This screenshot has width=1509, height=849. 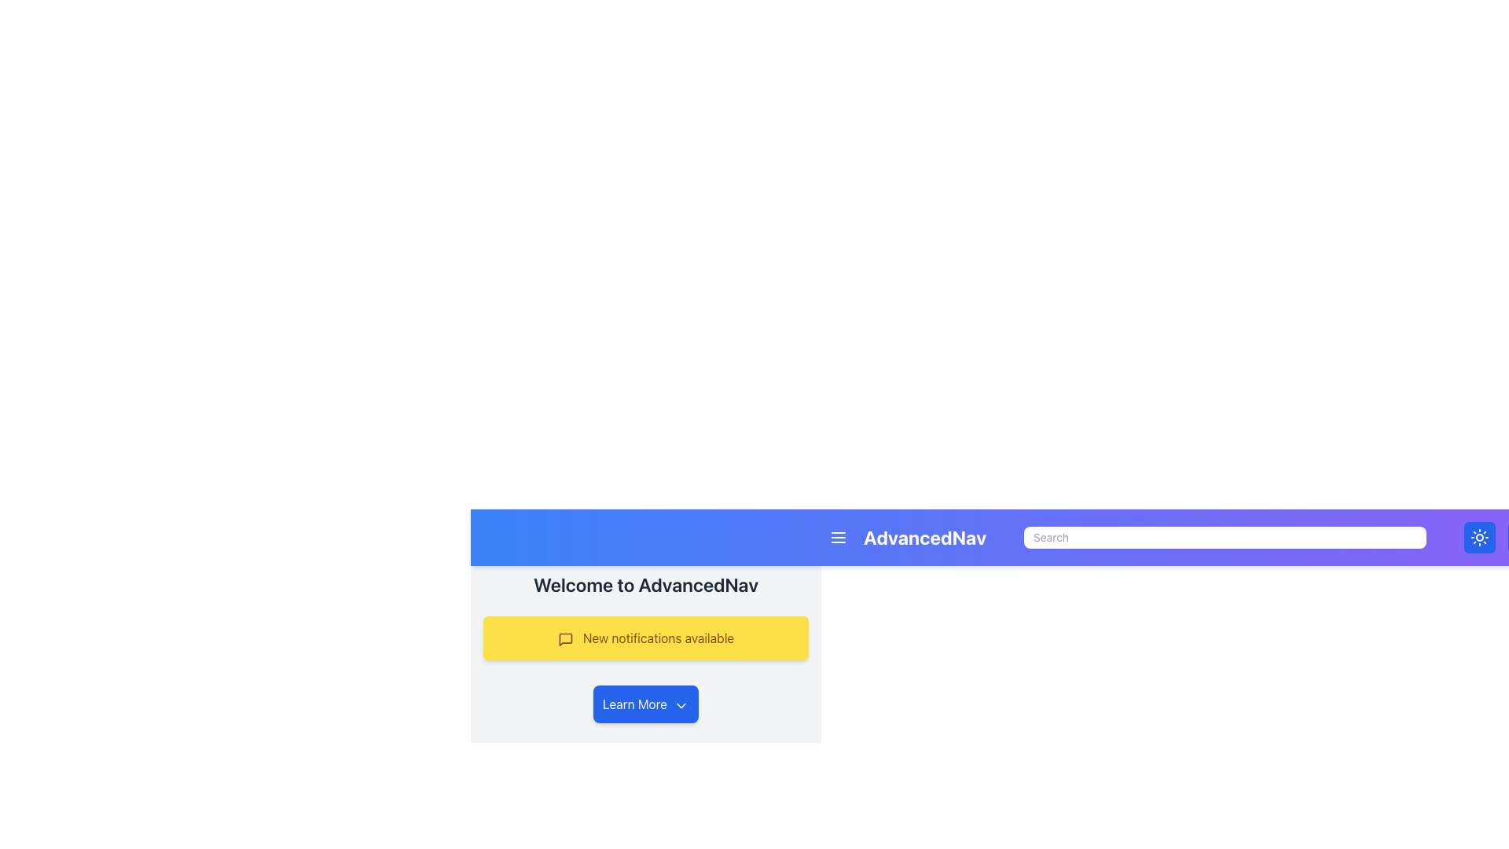 What do you see at coordinates (645, 638) in the screenshot?
I see `the Notification Box that informs users about new messages or updates, located below 'Welcome to AdvancedNav' and above the 'Learn More' button` at bounding box center [645, 638].